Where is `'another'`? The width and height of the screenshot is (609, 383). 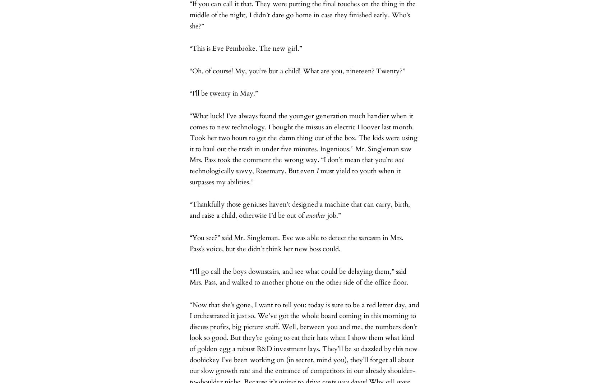 'another' is located at coordinates (305, 215).